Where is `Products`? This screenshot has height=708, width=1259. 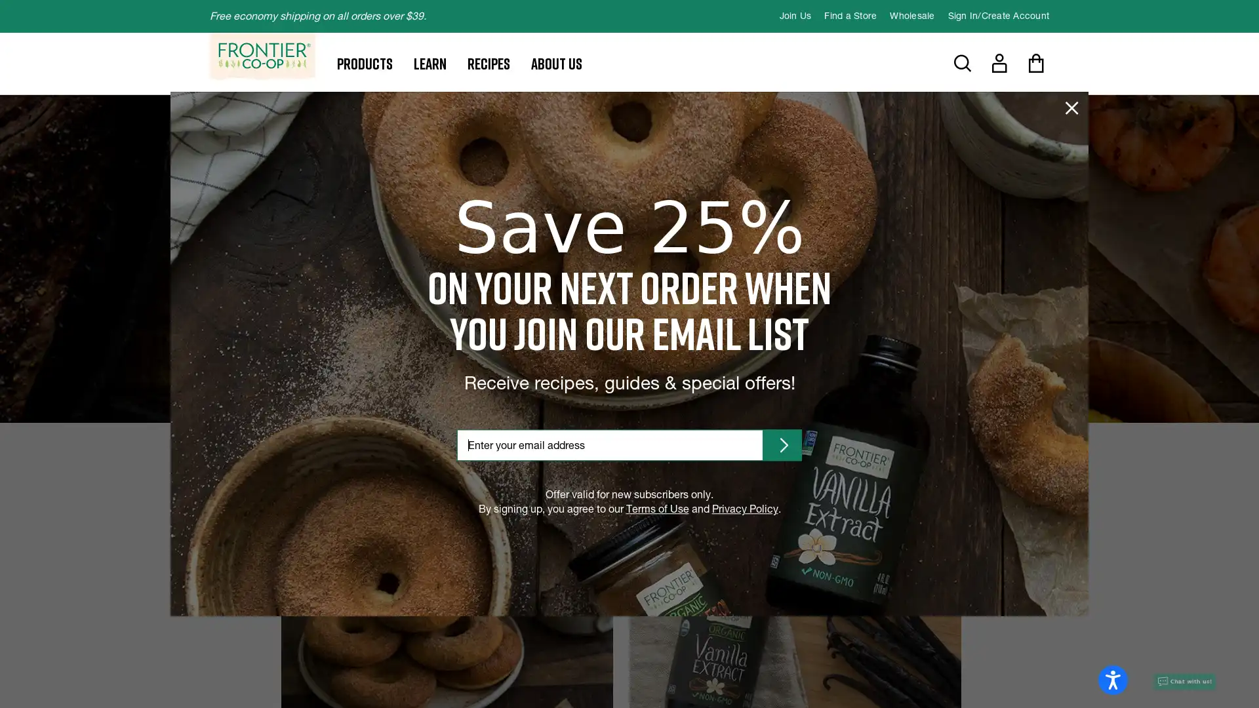
Products is located at coordinates (365, 63).